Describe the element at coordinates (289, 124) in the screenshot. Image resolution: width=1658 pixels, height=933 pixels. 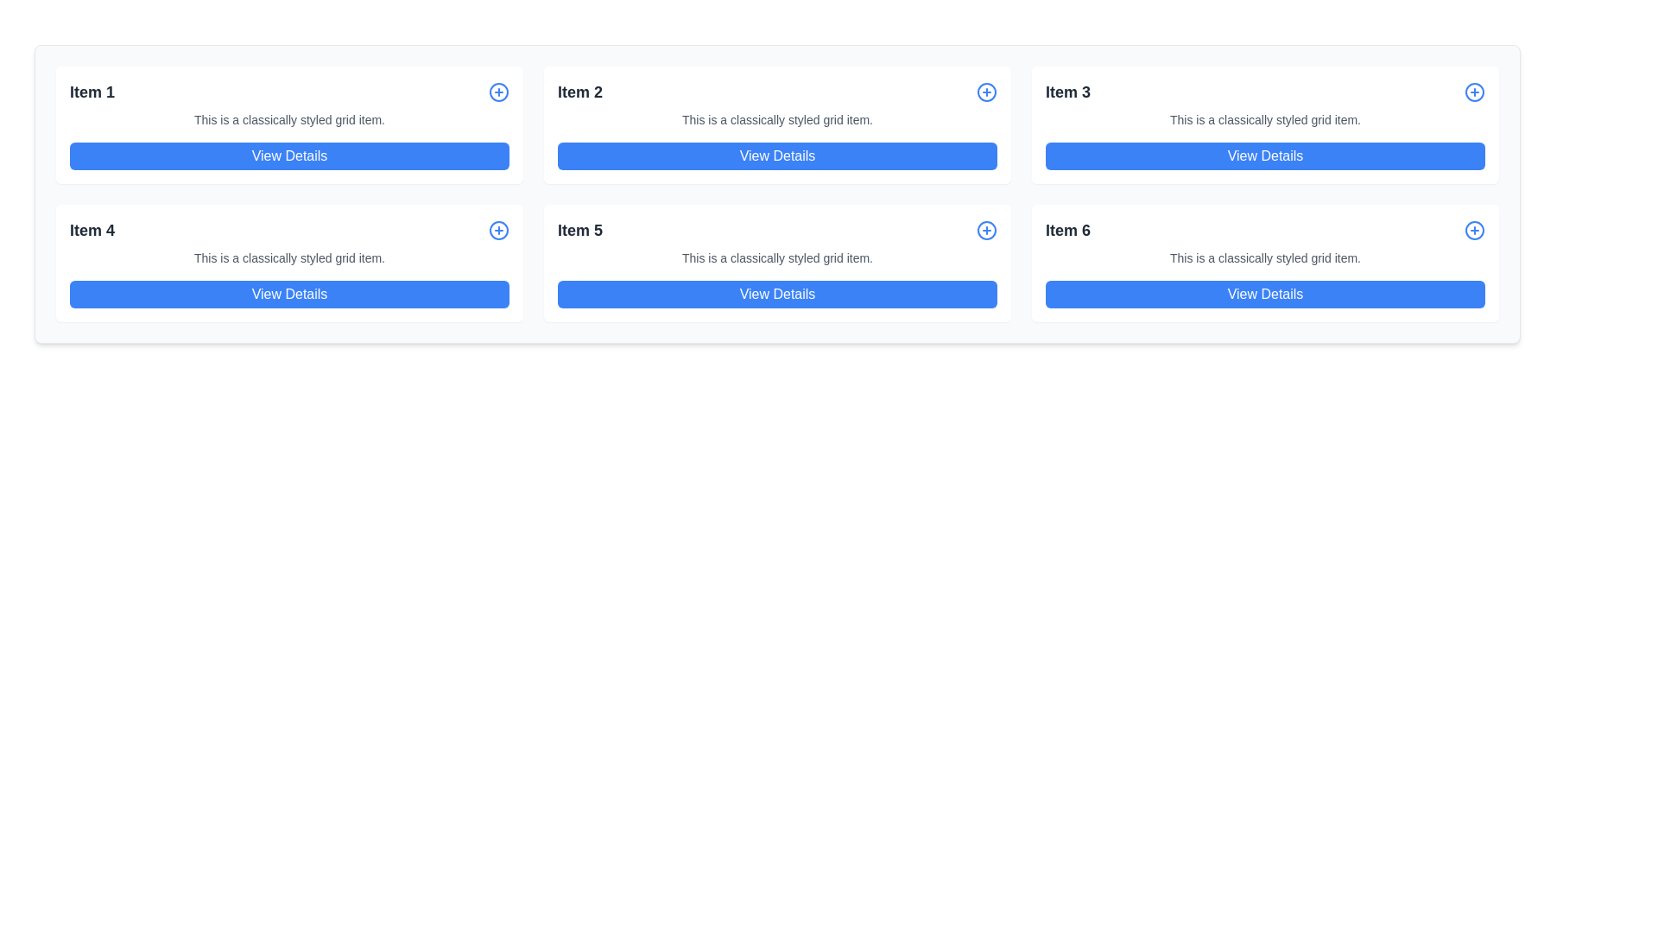
I see `textual content of the interactive card for 'Item 1' located at the top-left corner of the grid layout` at that location.